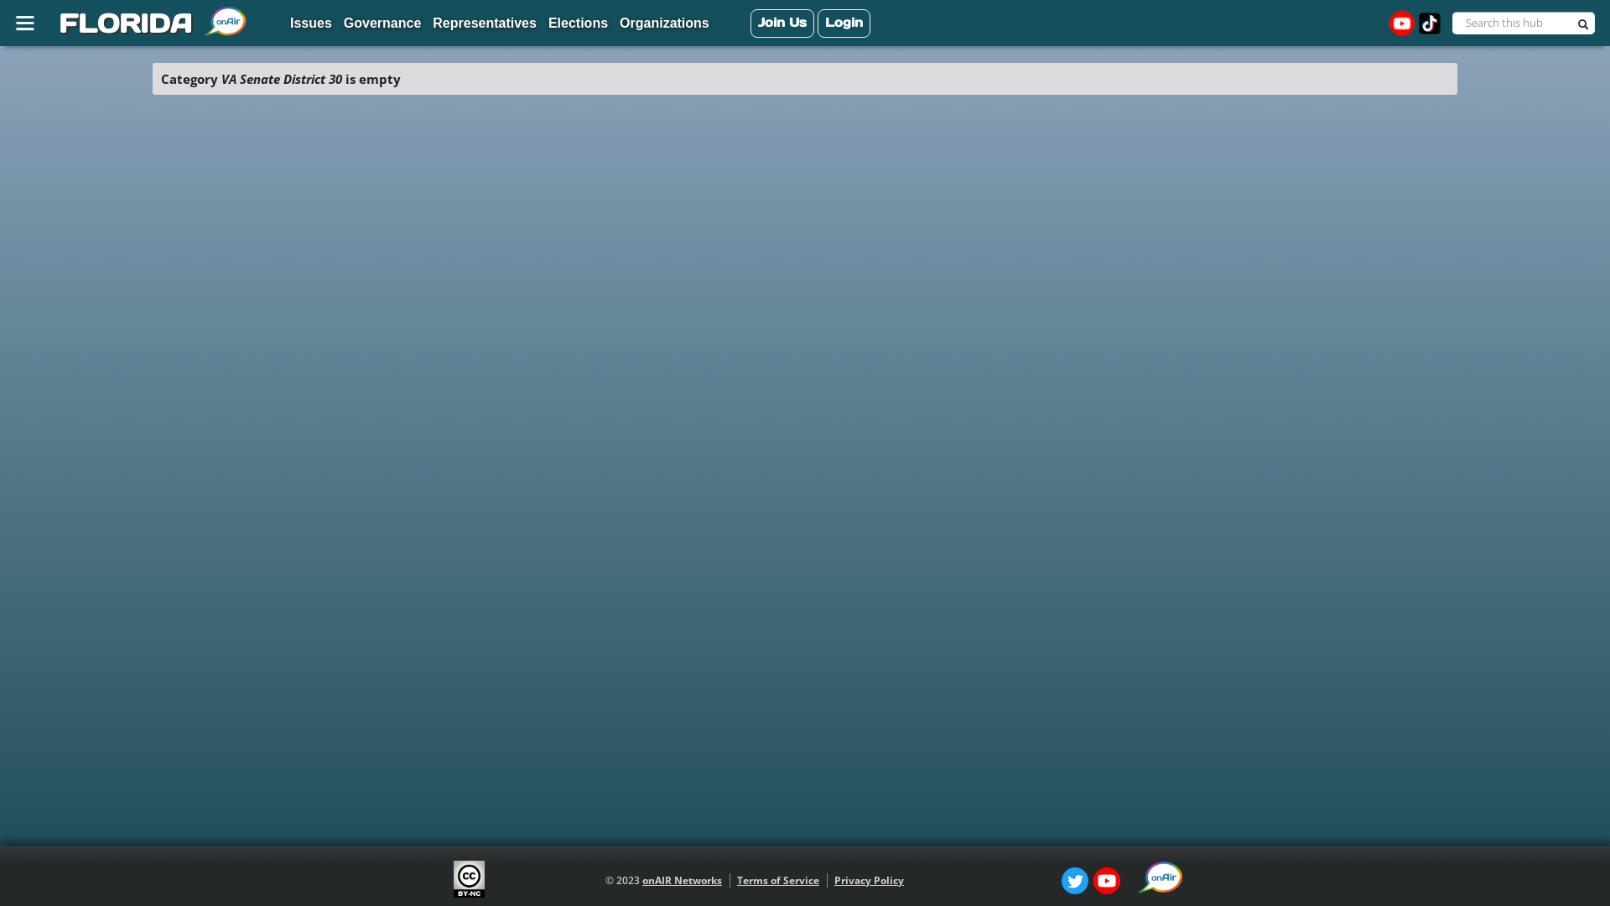  What do you see at coordinates (869, 879) in the screenshot?
I see `'Privacy Policy'` at bounding box center [869, 879].